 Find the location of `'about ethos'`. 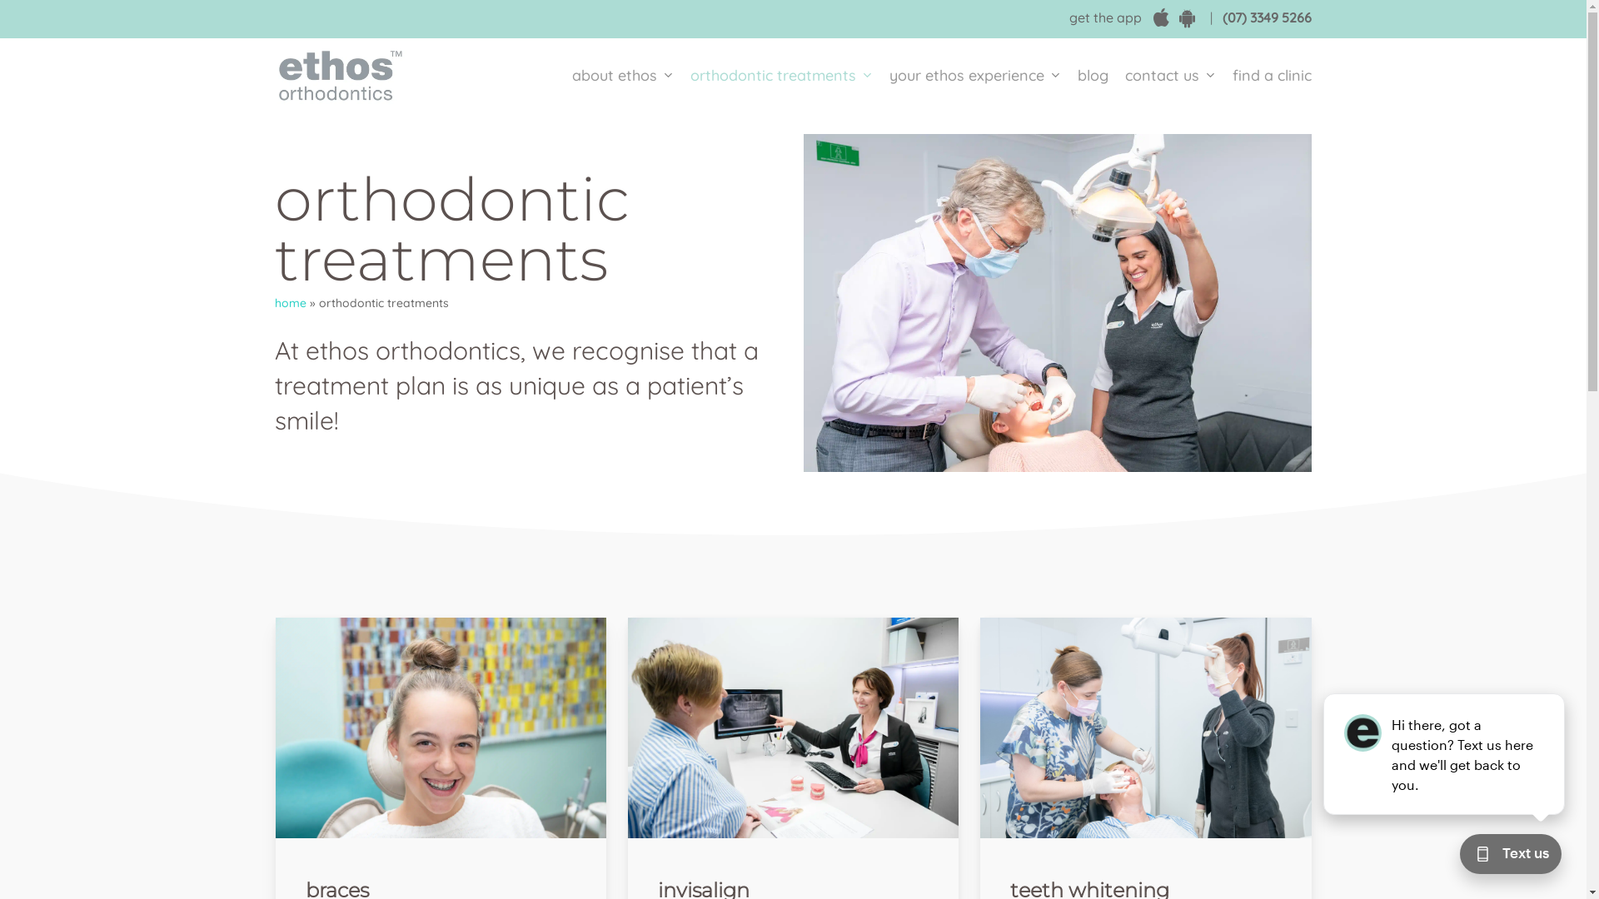

'about ethos' is located at coordinates (622, 76).